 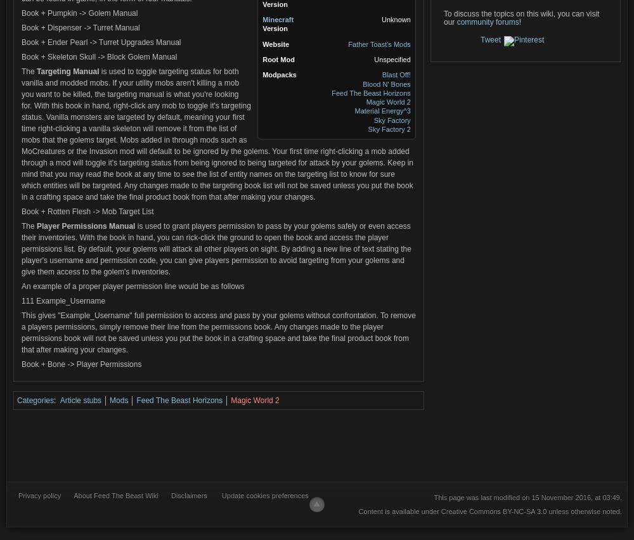 What do you see at coordinates (115, 495) in the screenshot?
I see `'About Feed The Beast Wiki'` at bounding box center [115, 495].